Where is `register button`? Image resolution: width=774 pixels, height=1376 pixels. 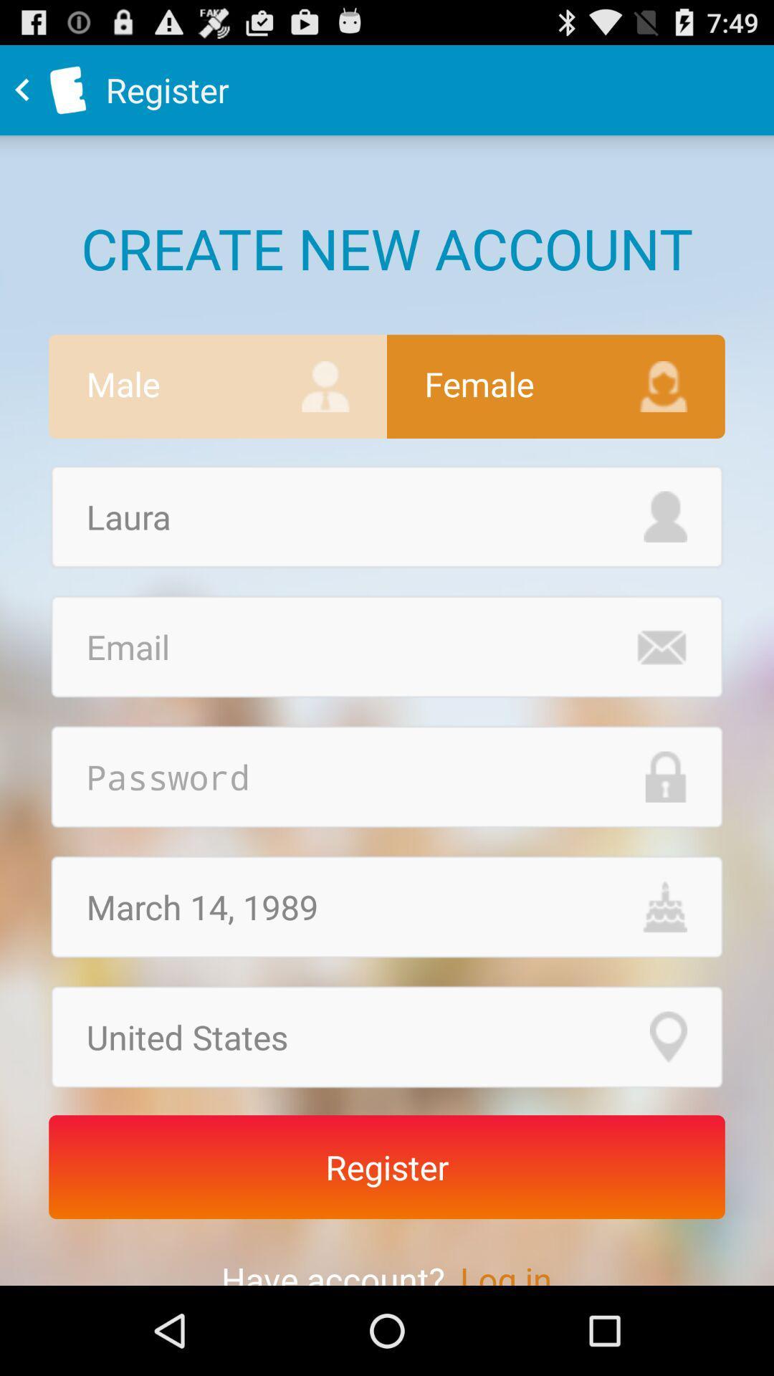 register button is located at coordinates (387, 1167).